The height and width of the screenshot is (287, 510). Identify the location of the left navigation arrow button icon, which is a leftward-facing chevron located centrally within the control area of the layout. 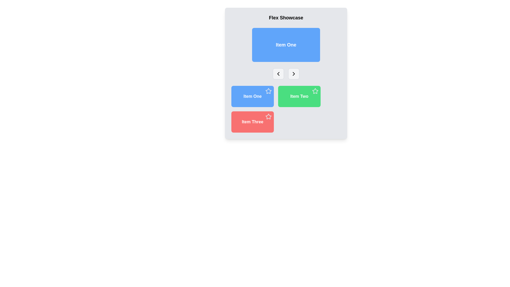
(278, 74).